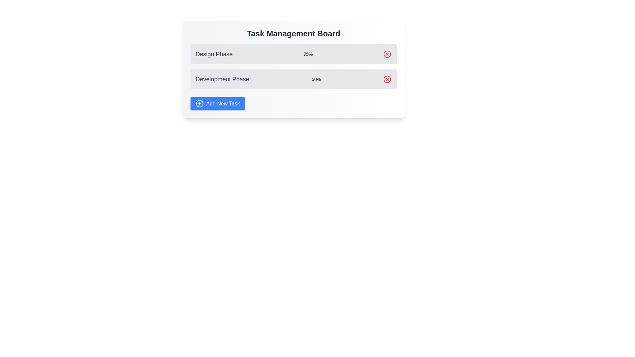  What do you see at coordinates (199, 103) in the screenshot?
I see `the decorative icon indicating the 'Add New Task' button located at the bottom left of the main task board interface` at bounding box center [199, 103].